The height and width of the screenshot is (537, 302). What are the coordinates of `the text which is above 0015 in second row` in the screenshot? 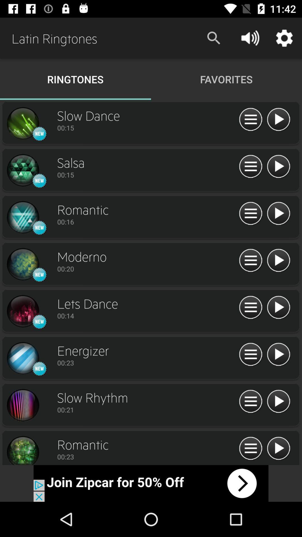 It's located at (146, 162).